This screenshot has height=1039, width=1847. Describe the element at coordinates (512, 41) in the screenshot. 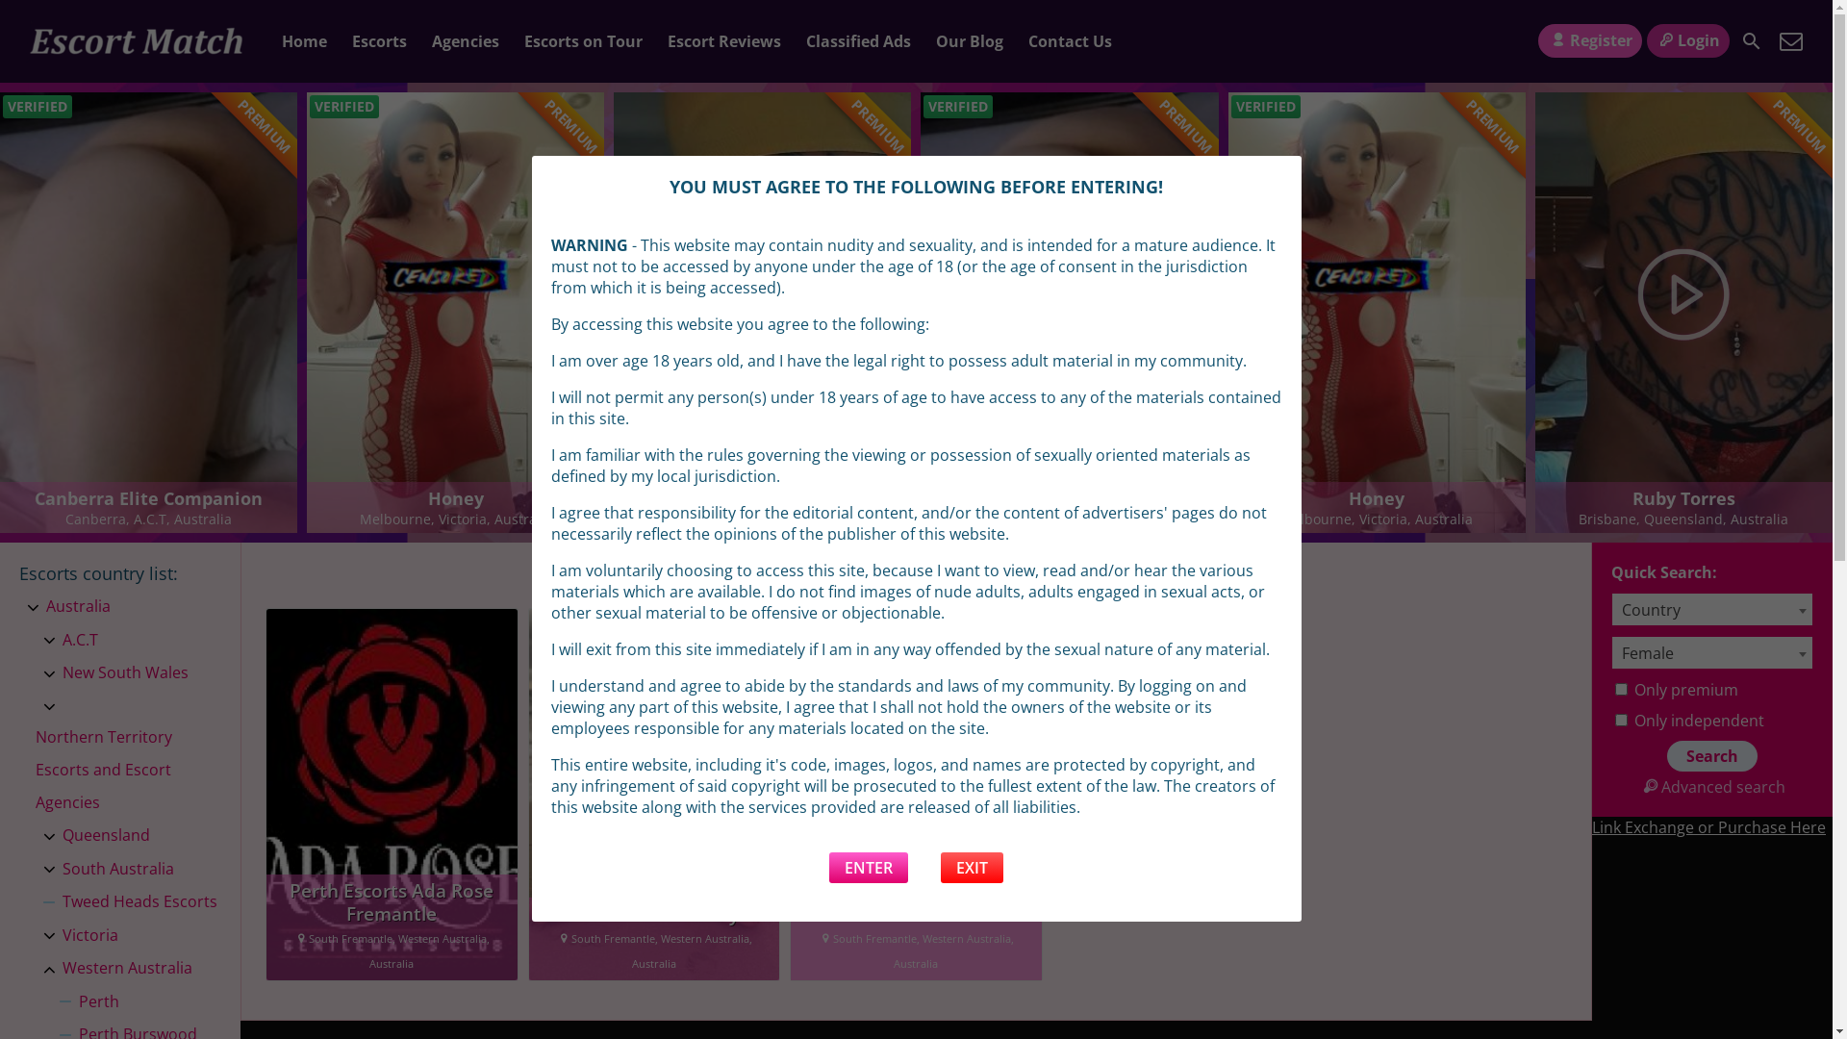

I see `'Escorts on Tour'` at that location.